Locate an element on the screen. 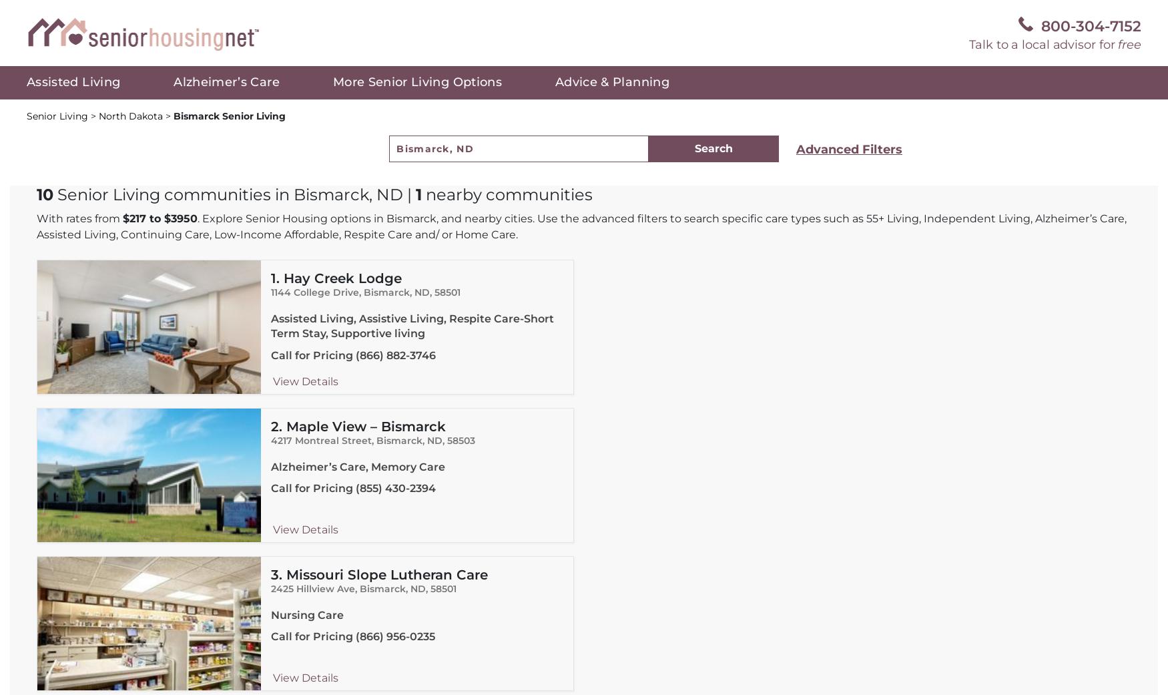  'Assisted Living' is located at coordinates (73, 82).